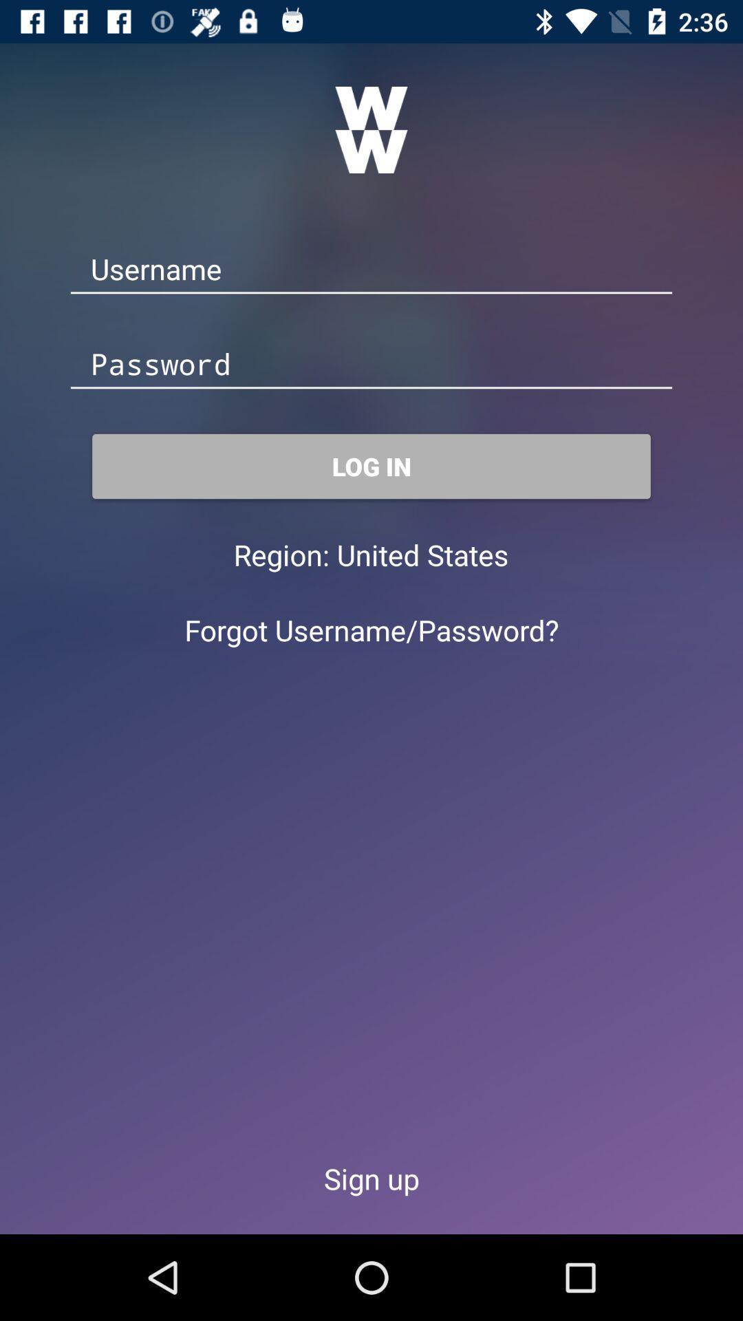 This screenshot has height=1321, width=743. I want to click on the item below log in icon, so click(422, 555).